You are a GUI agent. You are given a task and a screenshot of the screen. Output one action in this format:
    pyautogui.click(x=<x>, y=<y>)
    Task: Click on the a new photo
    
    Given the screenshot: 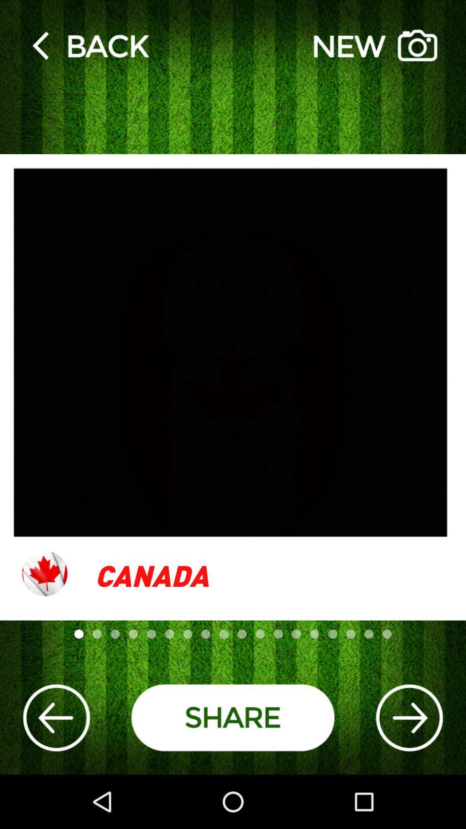 What is the action you would take?
    pyautogui.click(x=375, y=45)
    